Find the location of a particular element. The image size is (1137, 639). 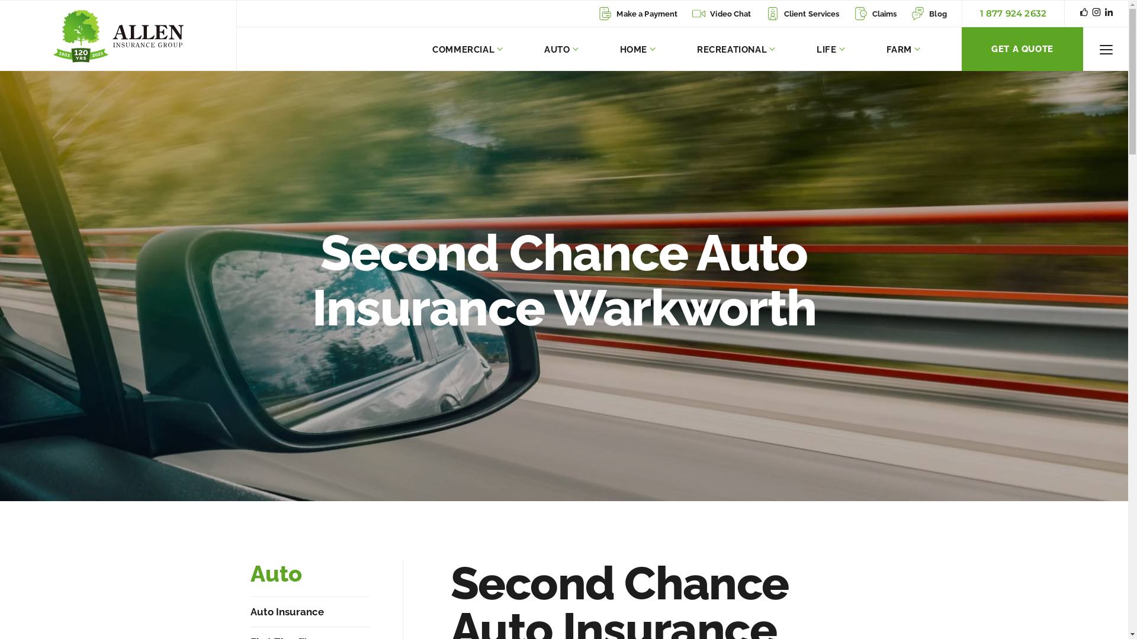

'Auto Insurance' is located at coordinates (249, 611).